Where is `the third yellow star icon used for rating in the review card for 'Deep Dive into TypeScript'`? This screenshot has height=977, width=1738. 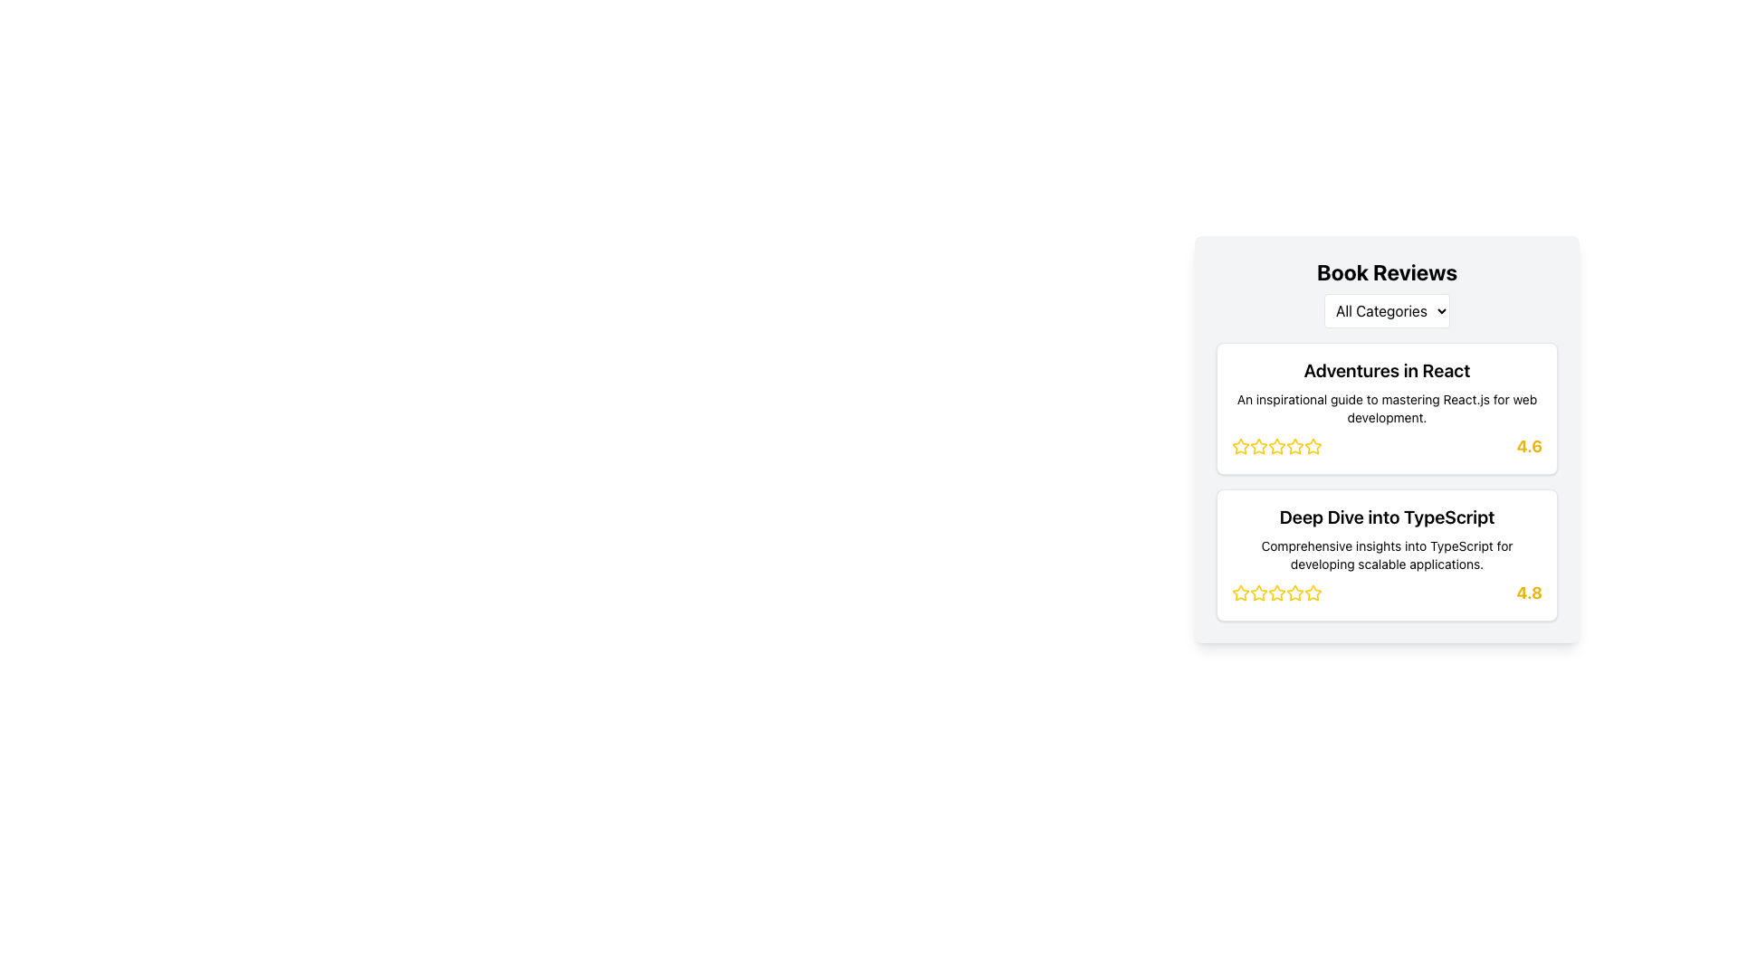
the third yellow star icon used for rating in the review card for 'Deep Dive into TypeScript' is located at coordinates (1294, 593).